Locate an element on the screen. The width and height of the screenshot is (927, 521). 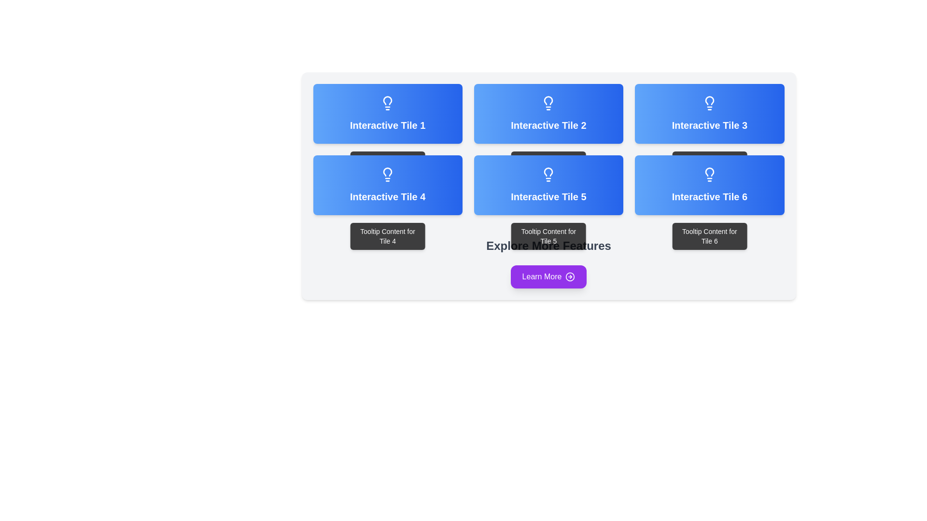
the purple 'Learn More' button with rounded corners, located beneath the heading 'Explore More Features' is located at coordinates (548, 277).